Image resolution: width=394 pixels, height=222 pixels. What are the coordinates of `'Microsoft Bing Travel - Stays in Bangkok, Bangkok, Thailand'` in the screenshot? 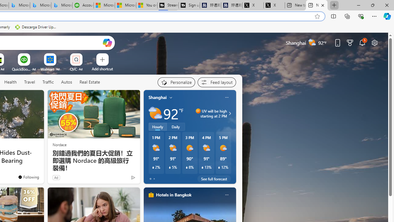 It's located at (19, 5).